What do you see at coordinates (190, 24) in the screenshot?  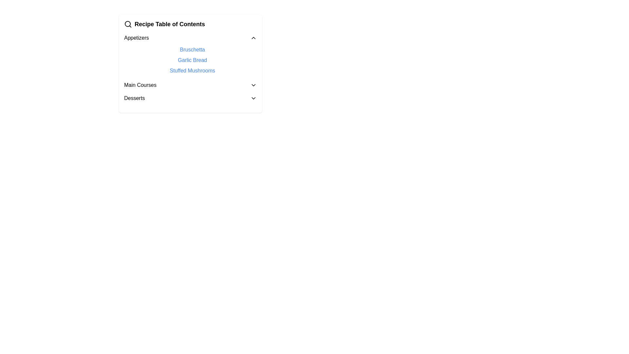 I see `the 'Recipe Table of Contents' text label with the magnifying glass icon, which is located at the top of a vertically structured group of interactive categories and links` at bounding box center [190, 24].